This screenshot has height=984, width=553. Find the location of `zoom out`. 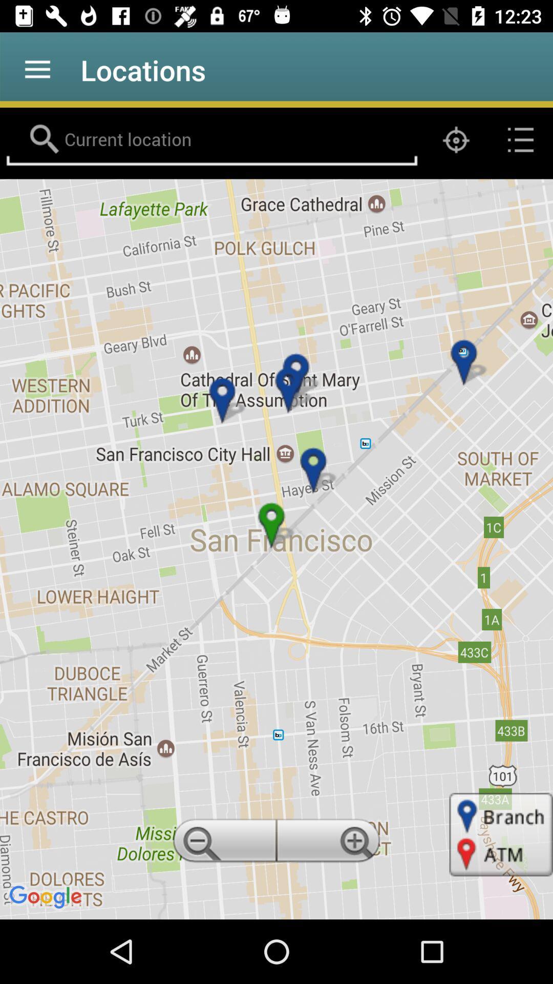

zoom out is located at coordinates (222, 844).